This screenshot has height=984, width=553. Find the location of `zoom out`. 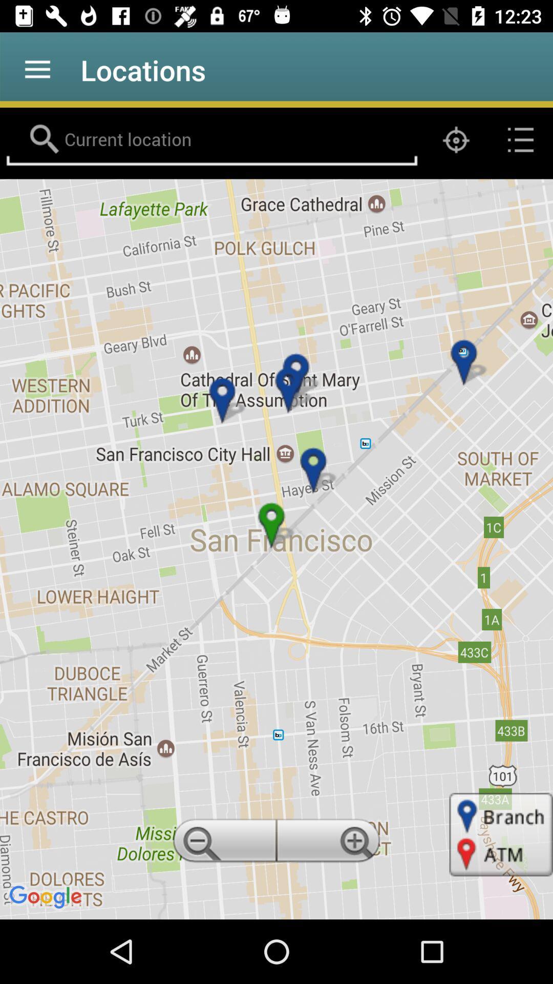

zoom out is located at coordinates (222, 844).